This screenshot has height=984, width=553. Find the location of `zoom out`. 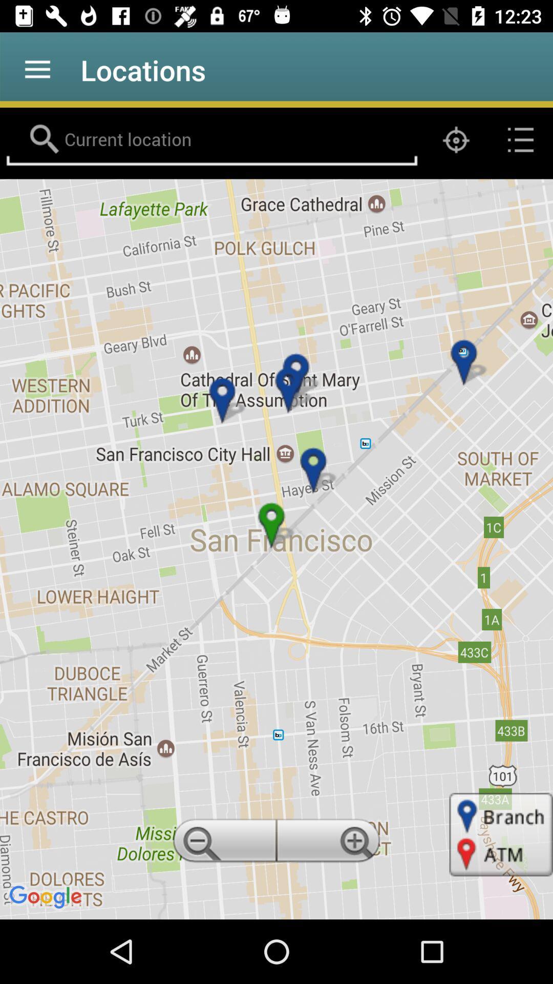

zoom out is located at coordinates (222, 844).